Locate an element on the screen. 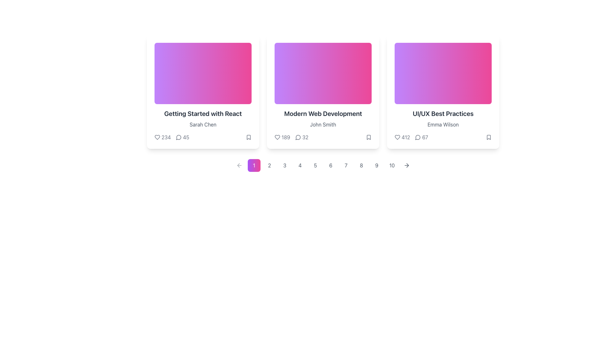  the text label displaying 'Sarah Chen' located under the title 'Getting Started with React' in the leftmost card of the three-card layout is located at coordinates (202, 124).